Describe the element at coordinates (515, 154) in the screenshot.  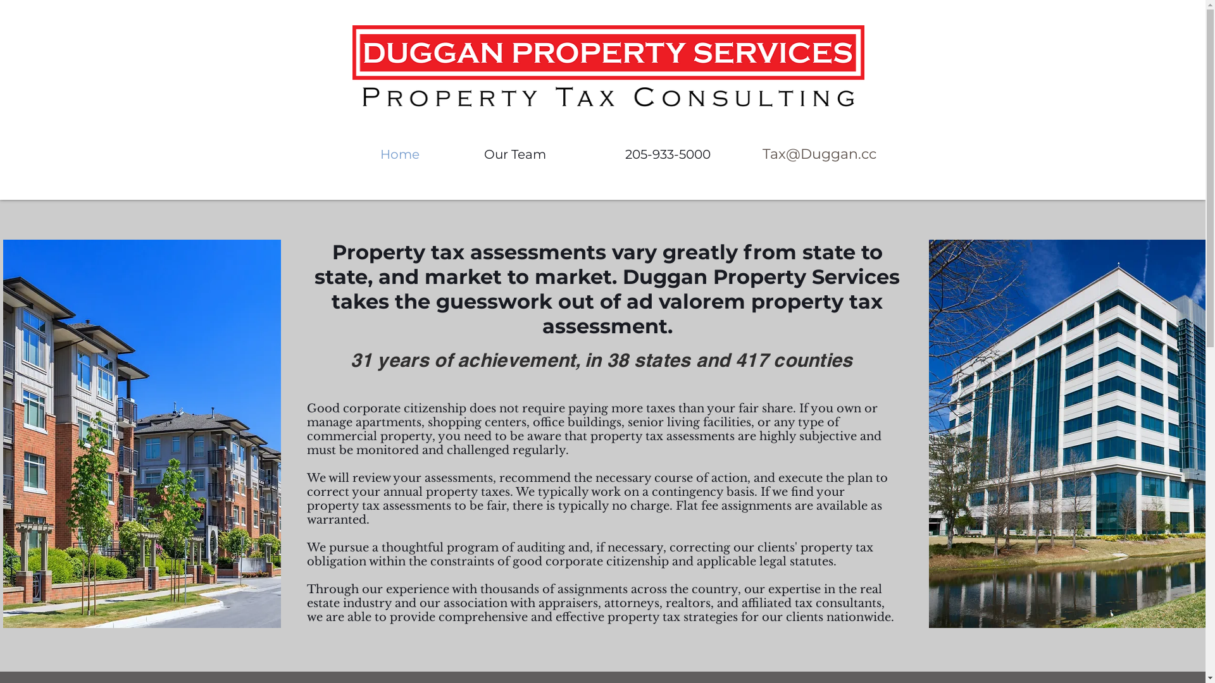
I see `'Our Team'` at that location.